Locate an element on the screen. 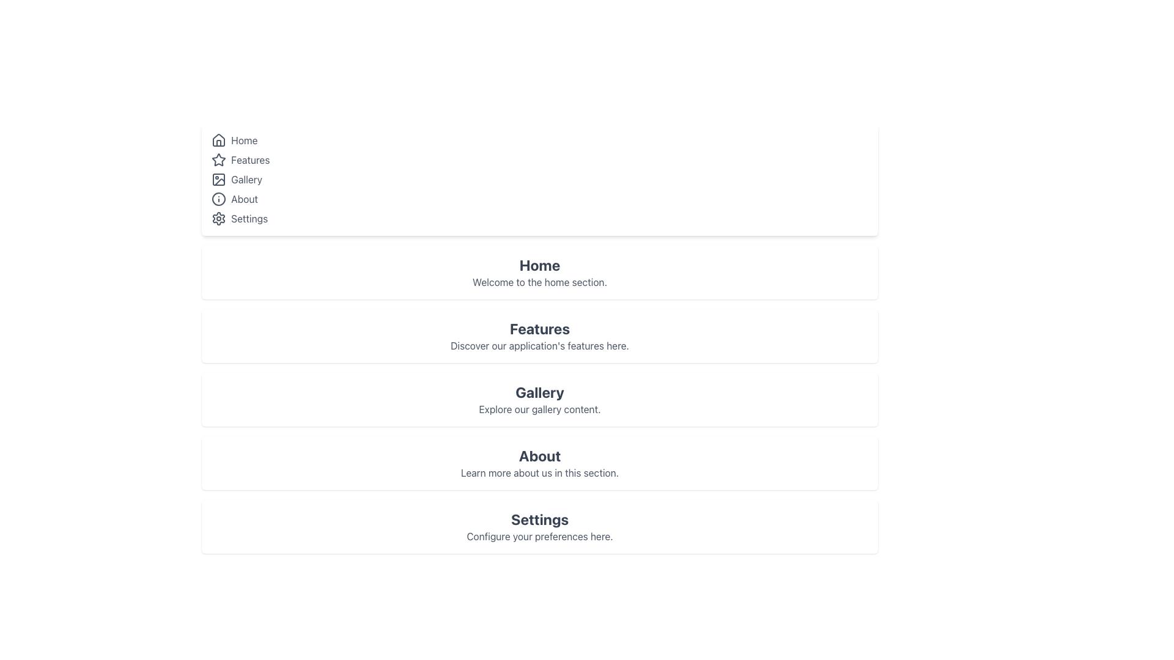  the Text Label that welcomes users to the home section, positioned below the bolded title 'Home' is located at coordinates (539, 282).